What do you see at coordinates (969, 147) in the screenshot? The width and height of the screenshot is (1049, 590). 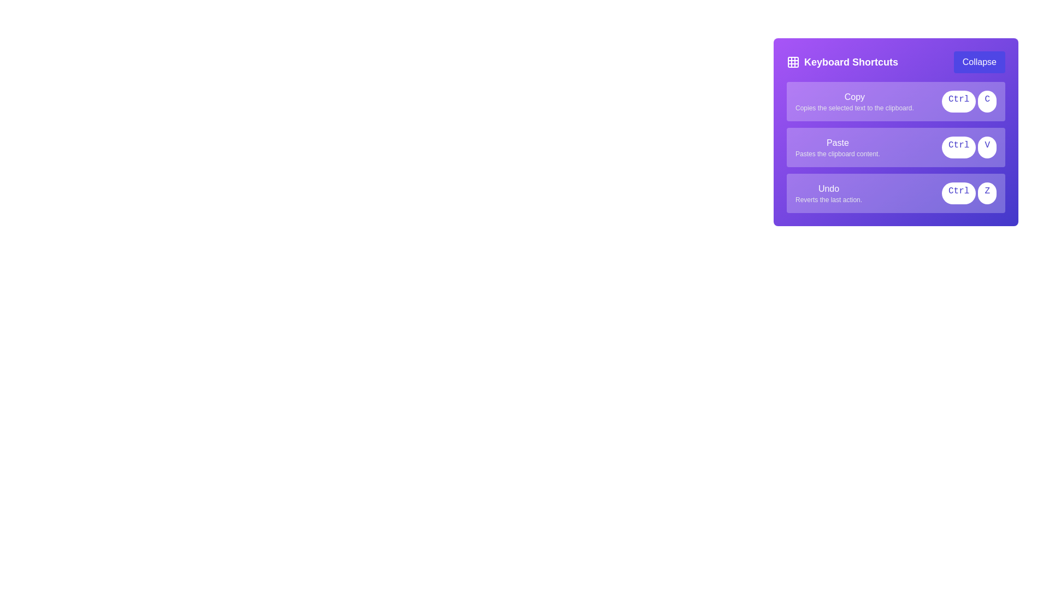 I see `the Keyboard Shortcut Indicator for the 'Paste' action, located on the right side of the 'Paste' action item in the keyboard shortcuts panel` at bounding box center [969, 147].